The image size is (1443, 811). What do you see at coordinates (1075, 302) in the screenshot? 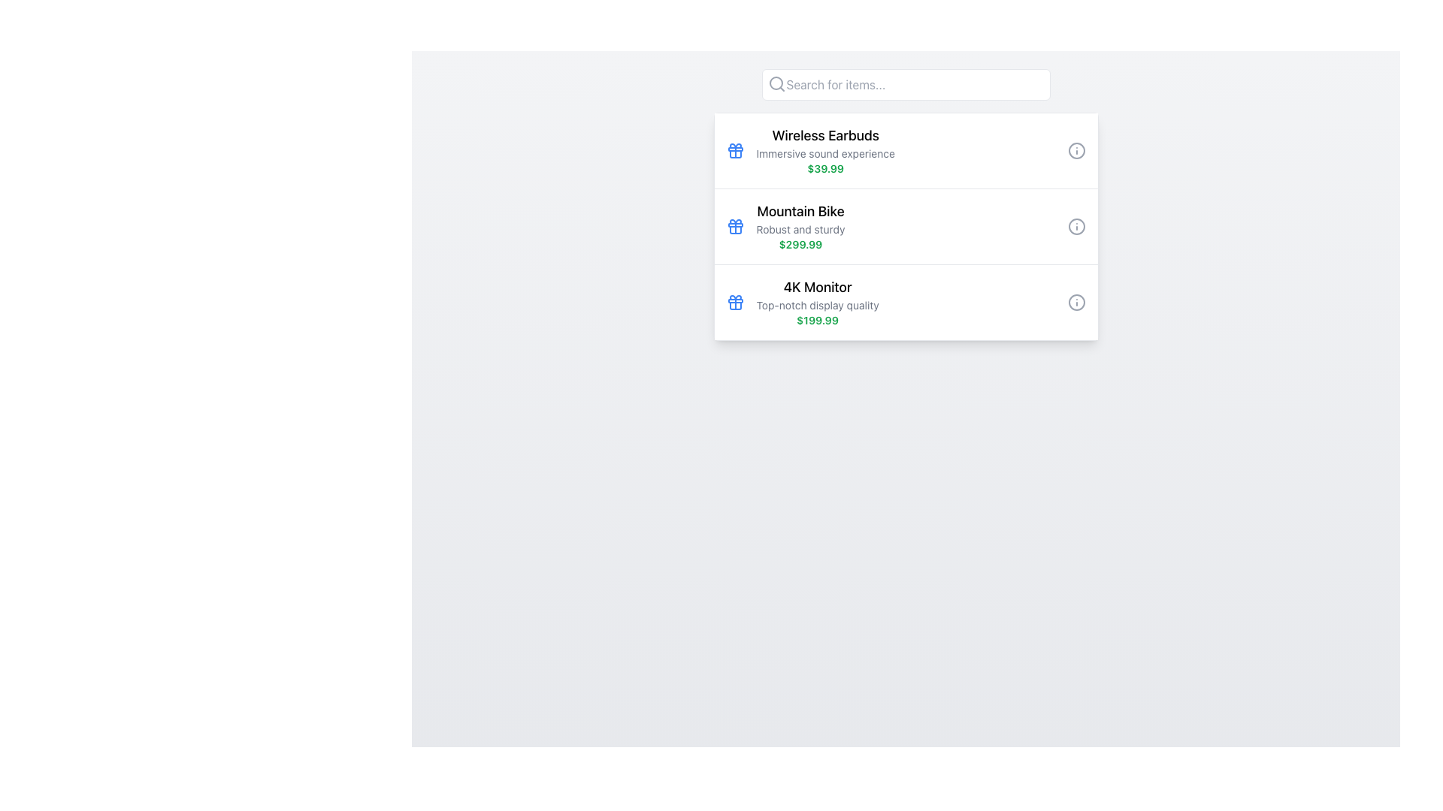
I see `the informational icon located at the right end of the third list item for the product '4K Monitor'` at bounding box center [1075, 302].